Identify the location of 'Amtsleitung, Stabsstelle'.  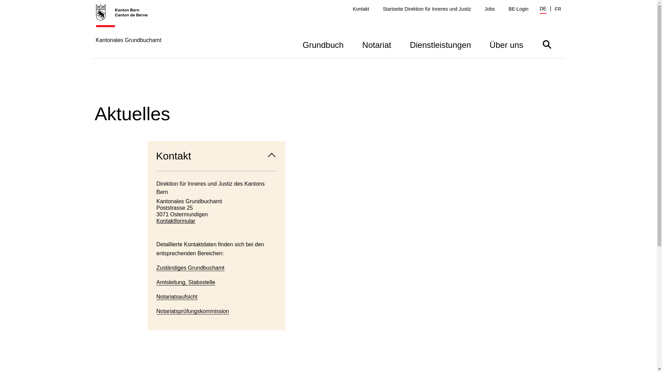
(186, 282).